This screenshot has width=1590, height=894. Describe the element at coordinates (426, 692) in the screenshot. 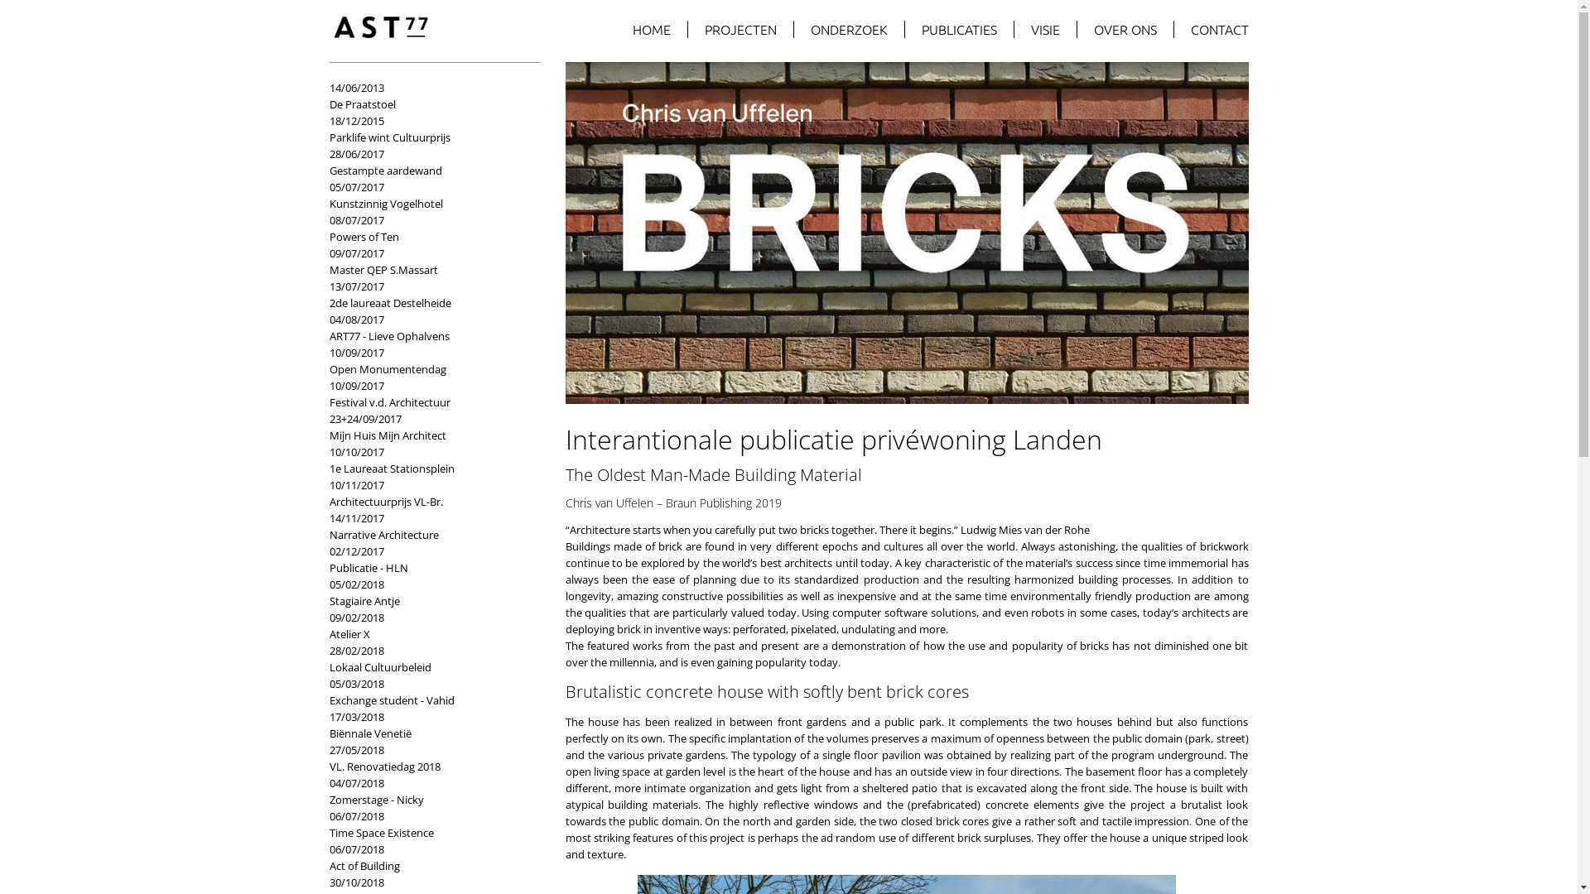

I see `'05/03/2018` at that location.